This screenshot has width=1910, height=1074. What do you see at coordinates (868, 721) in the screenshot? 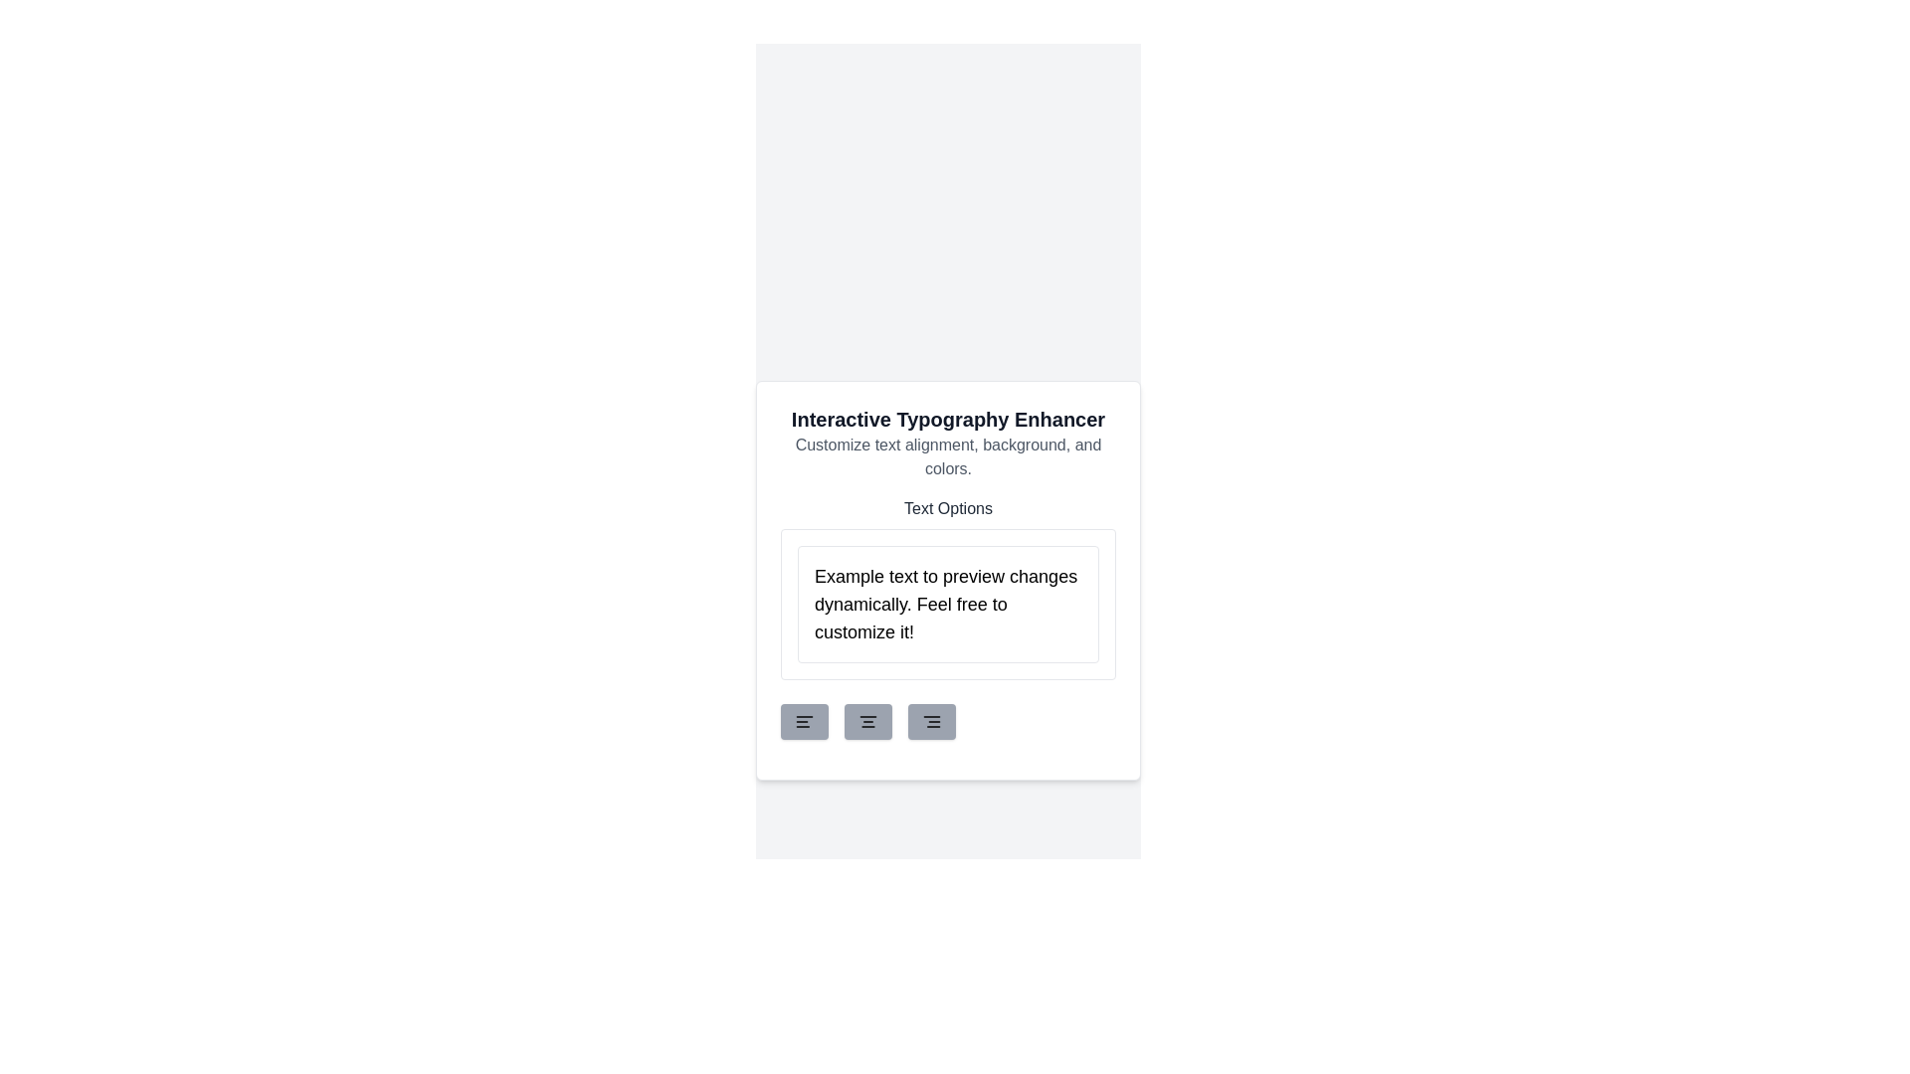
I see `the rectangular button with a light gray background and an icon of three horizontal lines, indicating a text alignment center feature, positioned centrally among three buttons in a horizontal row at the bottom of a panel` at bounding box center [868, 721].